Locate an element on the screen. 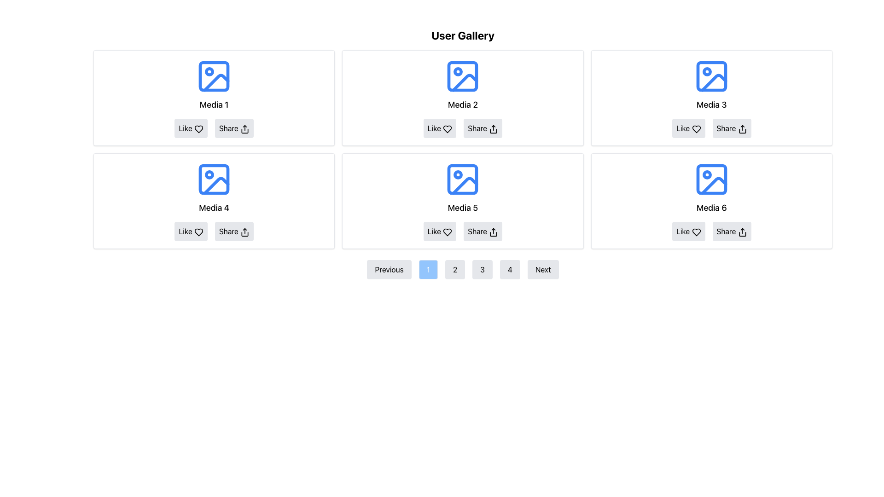 The image size is (884, 497). the SVG rounded rectangle that enhances the aesthetics of the 'Media 5' image icon, located in the central region of the icon in the second row, central column is located at coordinates (463, 179).